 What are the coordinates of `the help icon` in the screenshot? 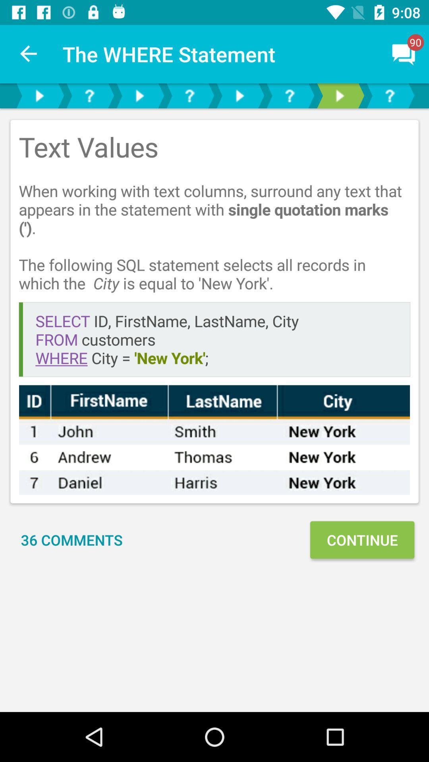 It's located at (290, 95).